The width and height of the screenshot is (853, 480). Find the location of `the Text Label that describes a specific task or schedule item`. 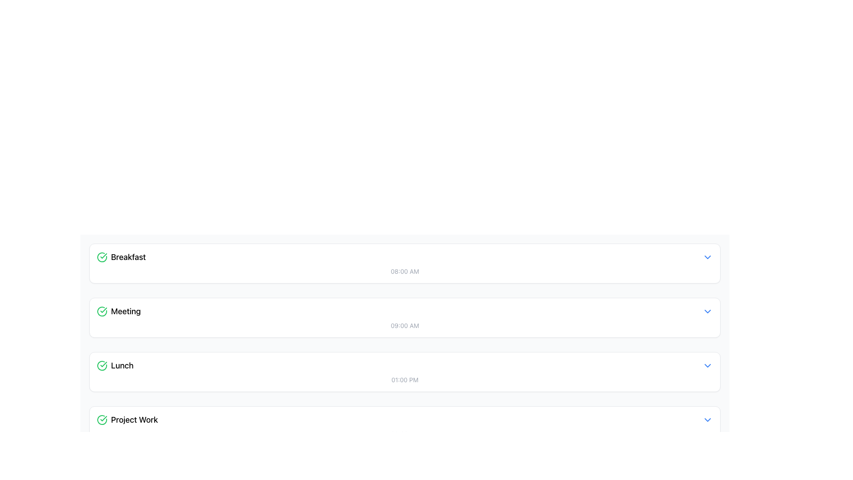

the Text Label that describes a specific task or schedule item is located at coordinates (134, 420).